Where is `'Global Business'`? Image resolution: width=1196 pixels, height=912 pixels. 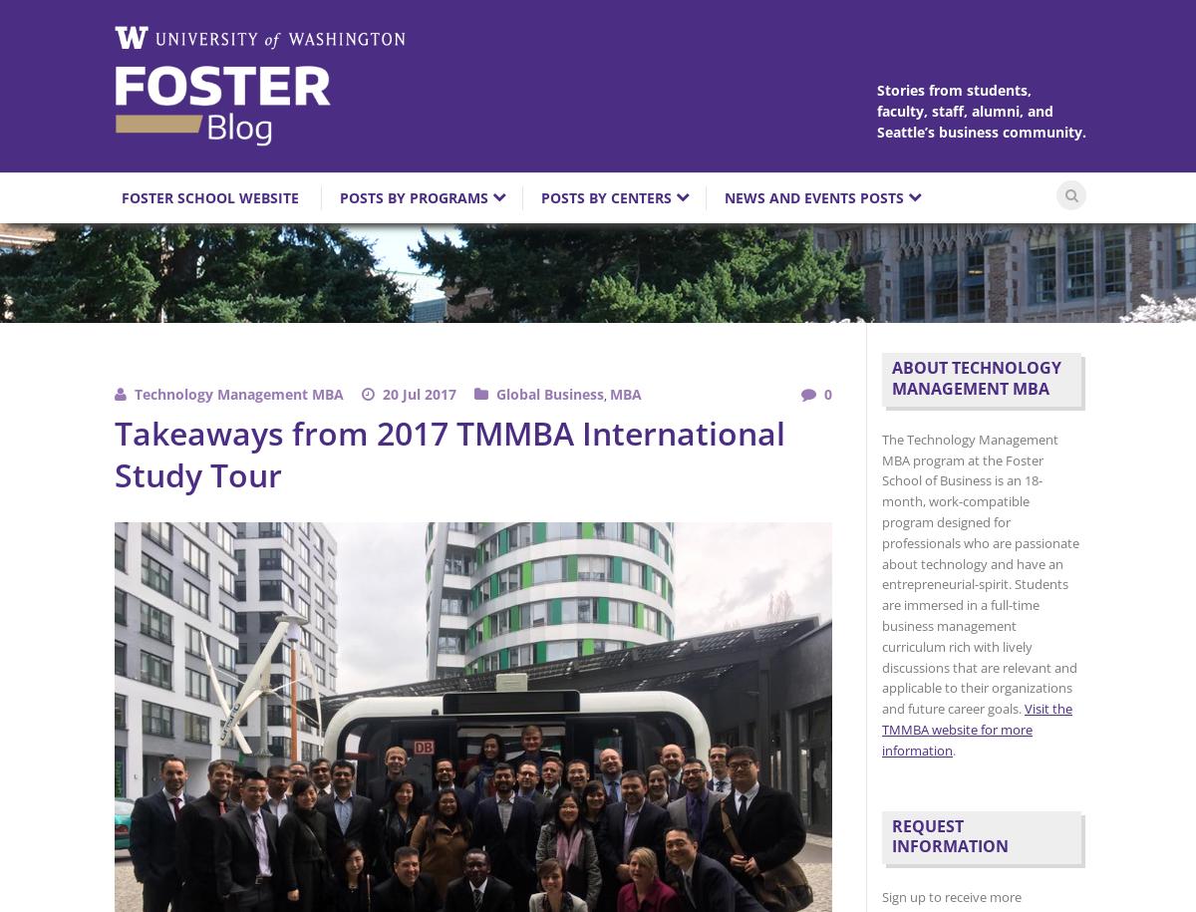
'Global Business' is located at coordinates (549, 393).